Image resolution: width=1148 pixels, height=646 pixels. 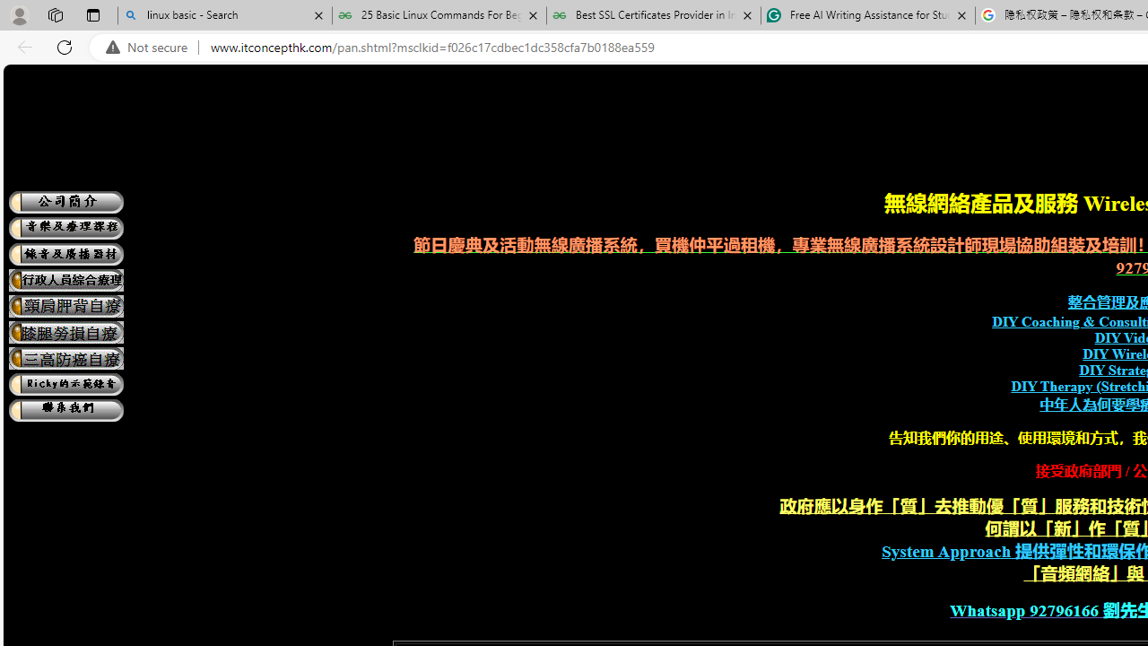 What do you see at coordinates (151, 47) in the screenshot?
I see `'Not secure'` at bounding box center [151, 47].